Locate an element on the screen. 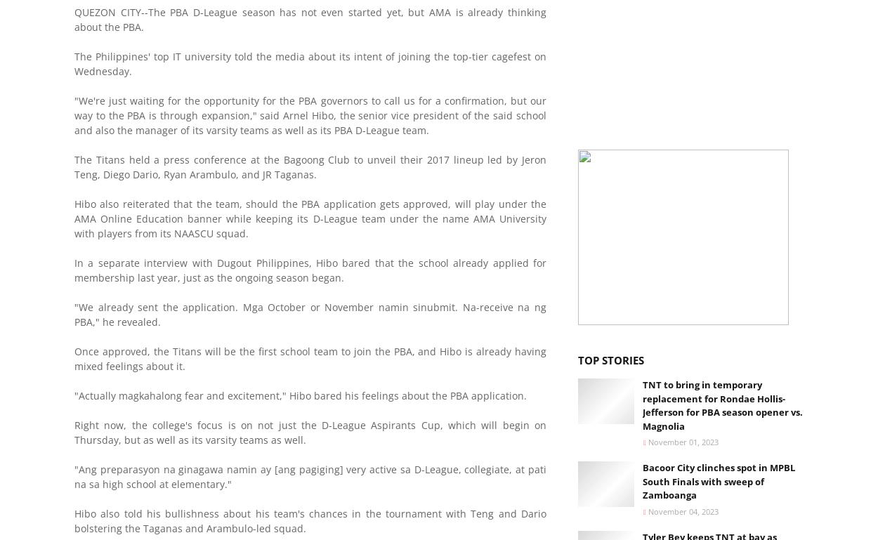 The width and height of the screenshot is (878, 540). 'TNT to bring in temporary replacement for Rondae Hollis-Jefferson for PBA season opener vs. Magnolia' is located at coordinates (723, 404).